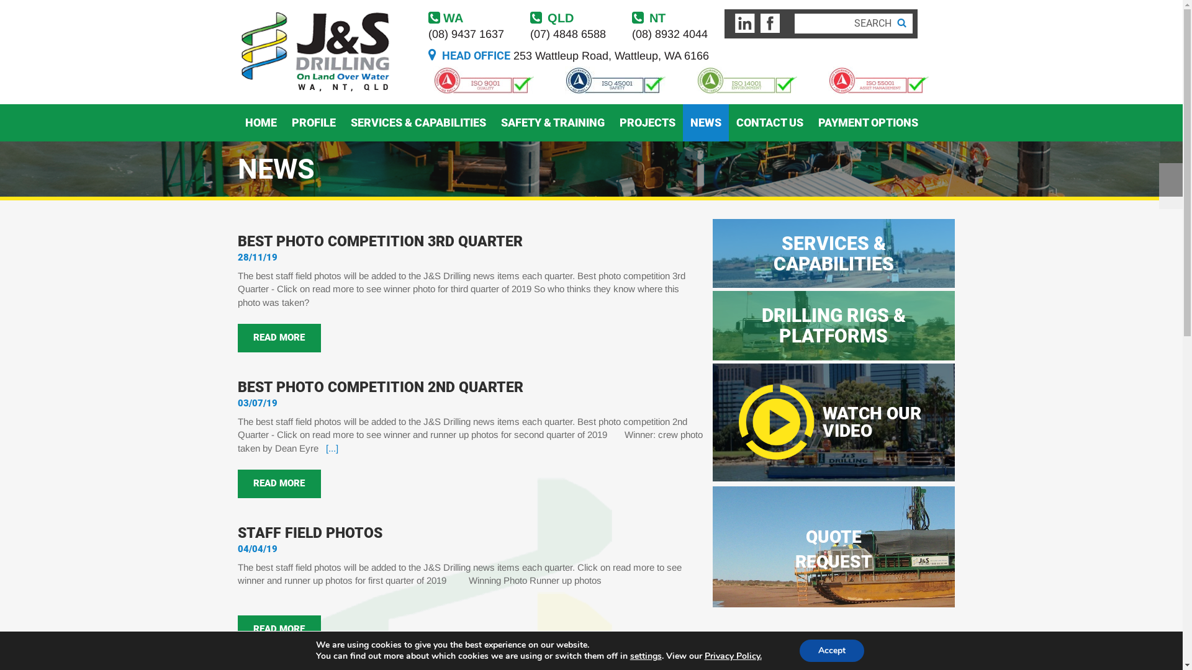  What do you see at coordinates (551, 122) in the screenshot?
I see `'SAFETY & TRAINING'` at bounding box center [551, 122].